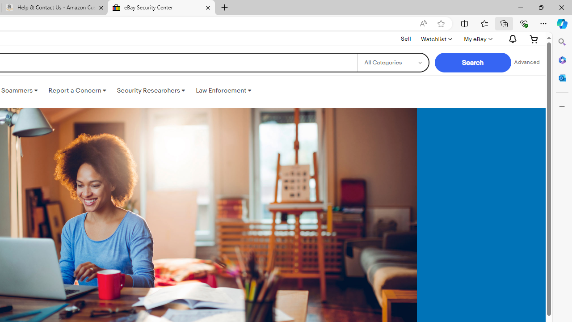  Describe the element at coordinates (477, 38) in the screenshot. I see `'My eBay'` at that location.